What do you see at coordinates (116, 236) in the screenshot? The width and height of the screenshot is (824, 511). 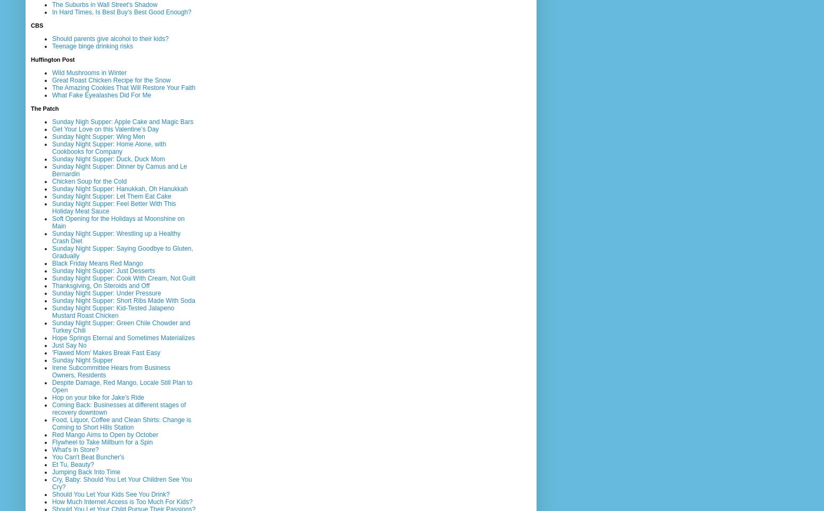 I see `'Sunday Night Supper: Wrestling up a Healthy Crash Diet'` at bounding box center [116, 236].